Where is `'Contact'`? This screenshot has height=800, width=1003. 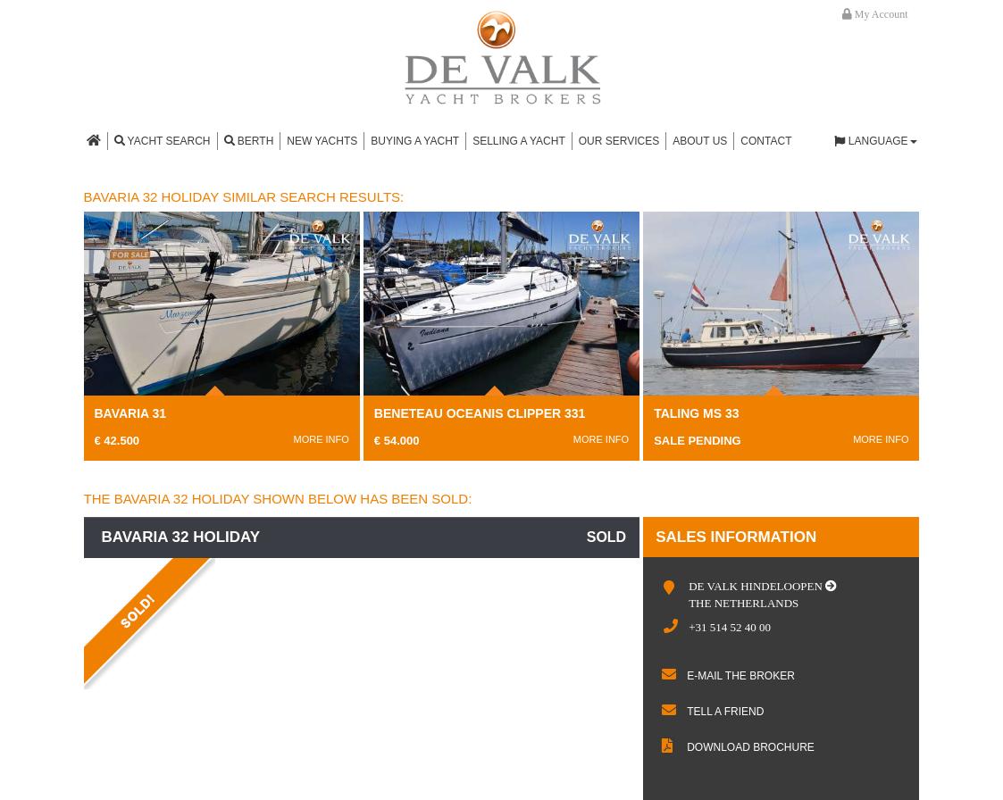 'Contact' is located at coordinates (765, 140).